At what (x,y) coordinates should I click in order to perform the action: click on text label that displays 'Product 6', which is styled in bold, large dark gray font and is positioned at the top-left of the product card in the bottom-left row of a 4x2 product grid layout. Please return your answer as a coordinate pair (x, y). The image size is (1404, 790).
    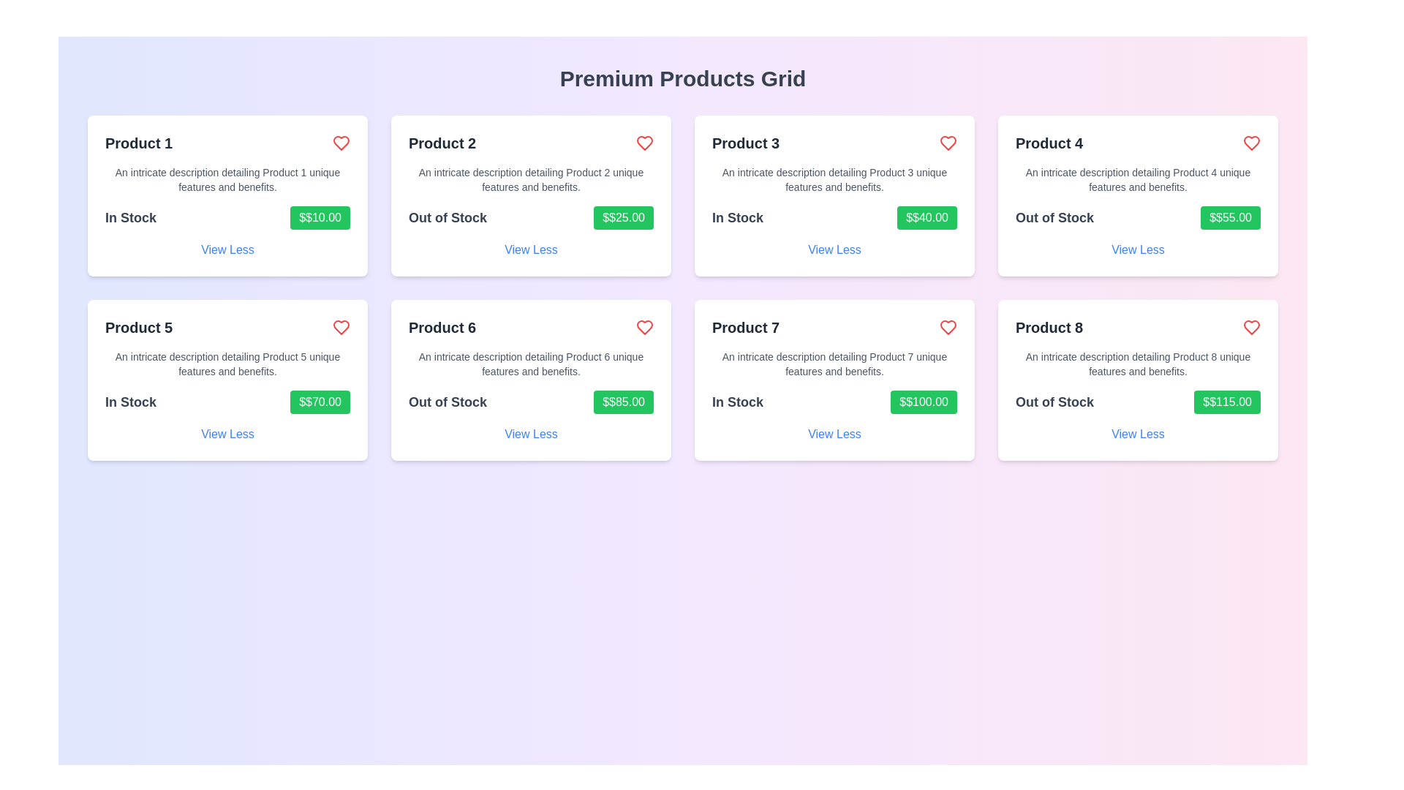
    Looking at the image, I should click on (442, 326).